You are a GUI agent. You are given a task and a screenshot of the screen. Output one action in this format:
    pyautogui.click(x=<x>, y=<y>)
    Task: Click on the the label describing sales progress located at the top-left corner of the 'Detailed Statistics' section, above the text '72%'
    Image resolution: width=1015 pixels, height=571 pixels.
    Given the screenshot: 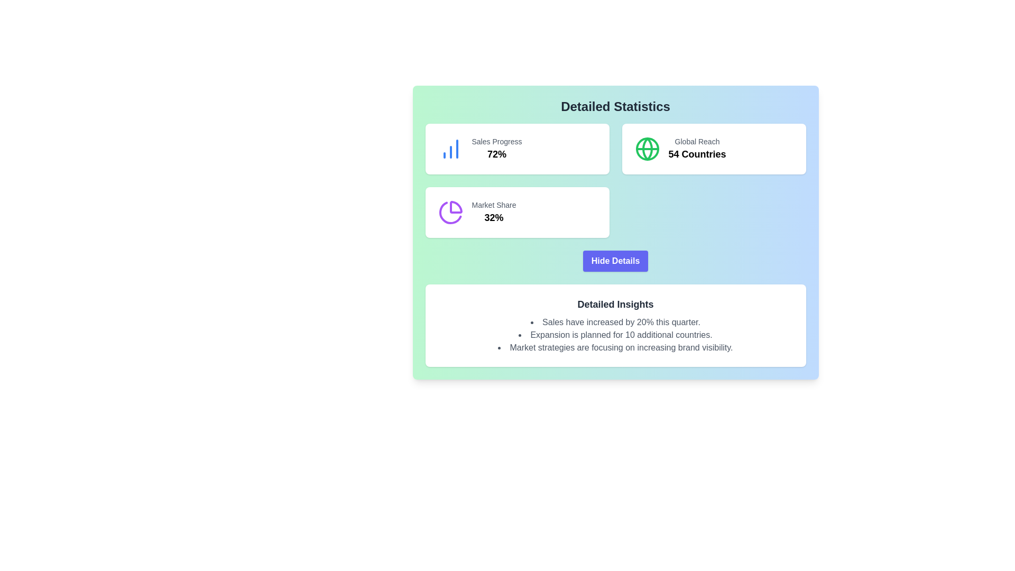 What is the action you would take?
    pyautogui.click(x=496, y=141)
    